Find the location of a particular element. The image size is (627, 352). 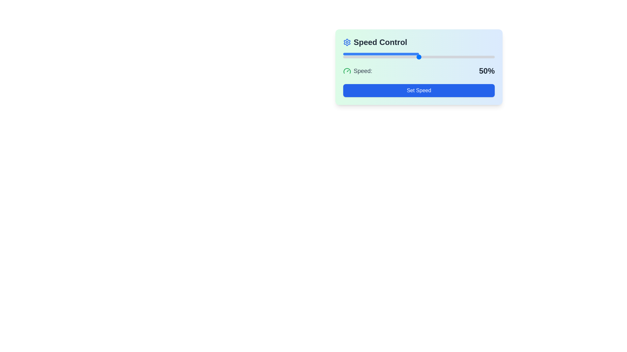

the slider is located at coordinates (444, 56).